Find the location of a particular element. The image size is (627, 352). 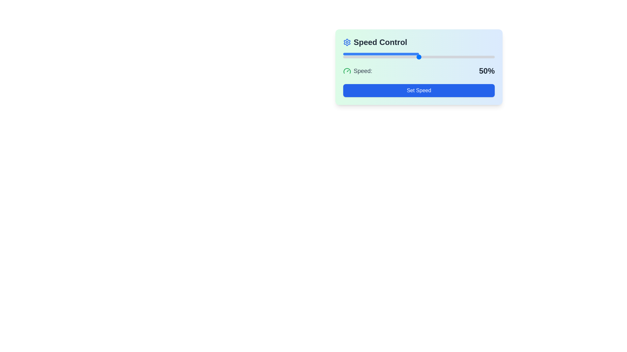

the slider is located at coordinates (444, 56).